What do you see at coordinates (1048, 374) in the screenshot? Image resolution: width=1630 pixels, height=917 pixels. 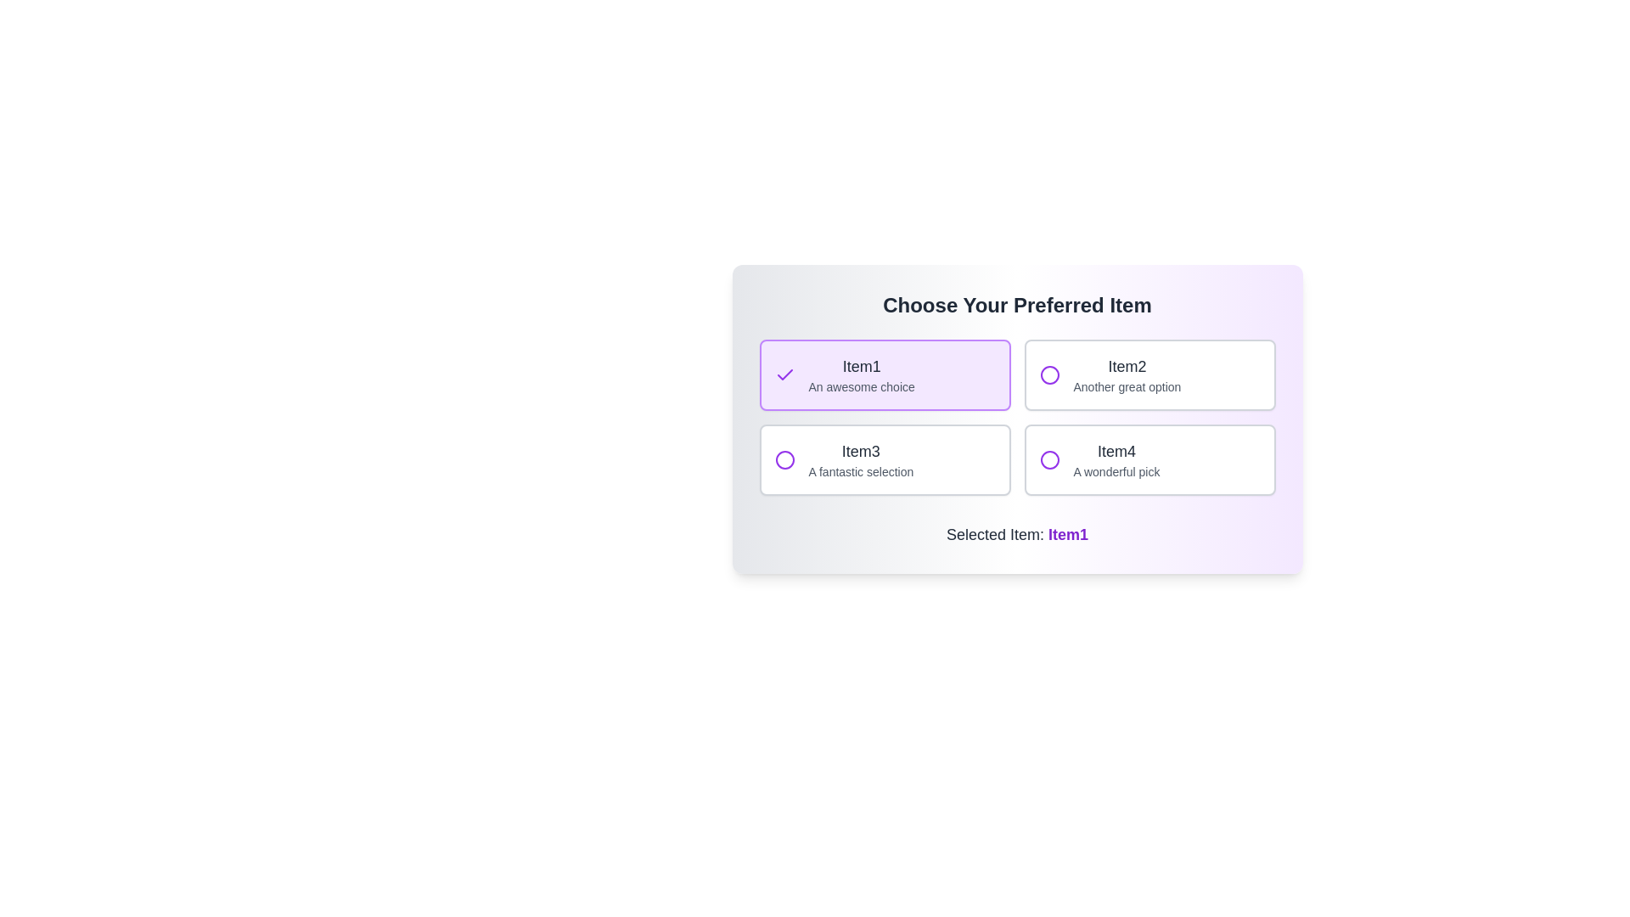 I see `the circular icon that serves as a visual indicator for the option labeled 'Item2: Another great option', located in the upper section of the interface` at bounding box center [1048, 374].